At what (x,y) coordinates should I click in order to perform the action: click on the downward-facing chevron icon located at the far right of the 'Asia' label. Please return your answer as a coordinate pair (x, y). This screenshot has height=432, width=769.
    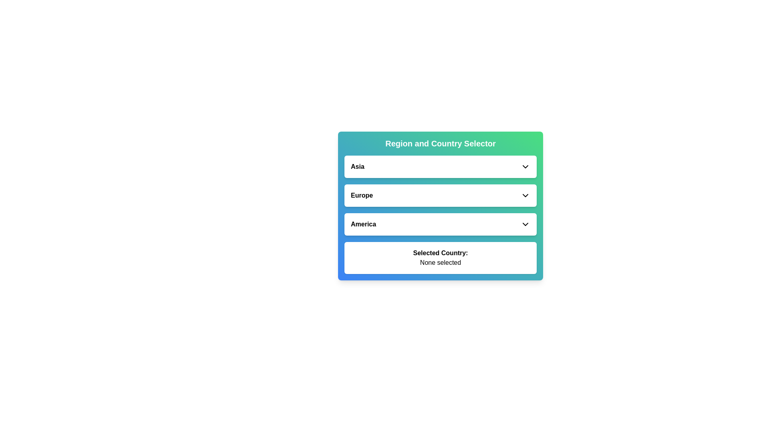
    Looking at the image, I should click on (525, 166).